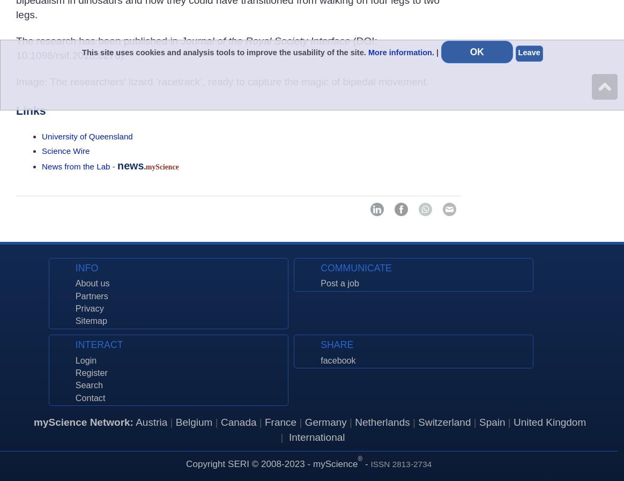  I want to click on 'Netherlands', so click(382, 422).